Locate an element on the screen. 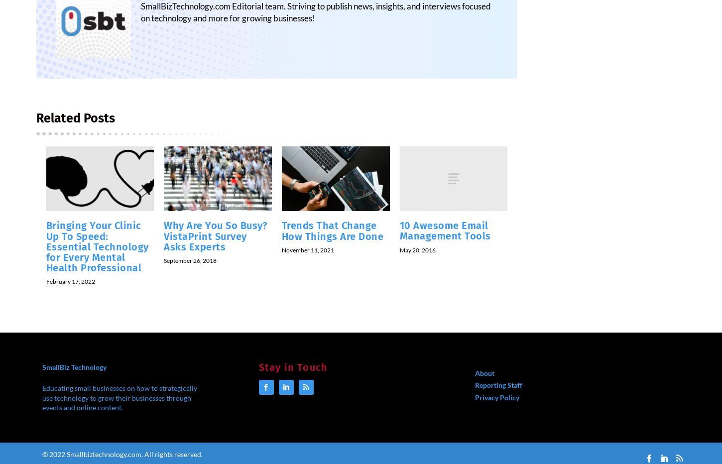  'Bringing Your Clinic Up To Speed: Essential Technology for Every Mental Health Professional' is located at coordinates (97, 252).